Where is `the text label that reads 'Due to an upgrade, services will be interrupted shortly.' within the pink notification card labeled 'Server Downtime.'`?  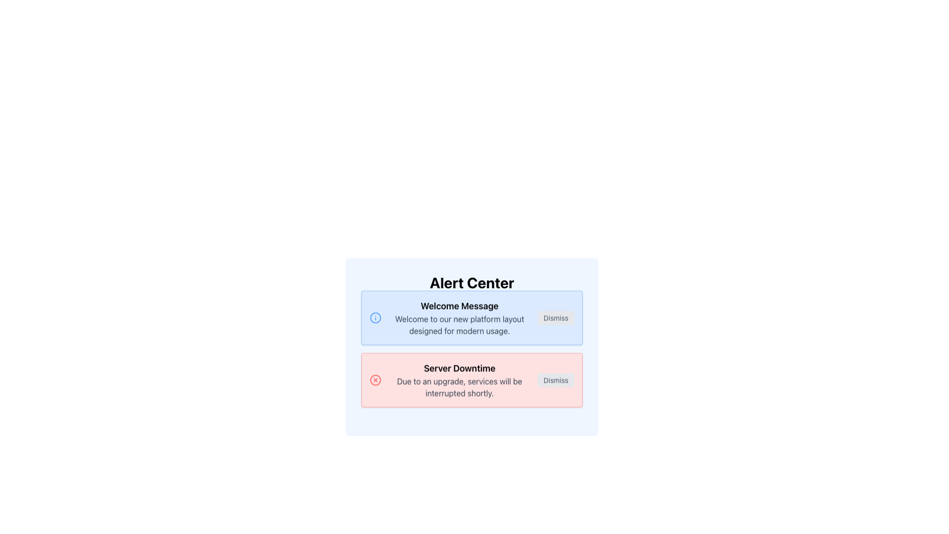 the text label that reads 'Due to an upgrade, services will be interrupted shortly.' within the pink notification card labeled 'Server Downtime.' is located at coordinates (459, 395).